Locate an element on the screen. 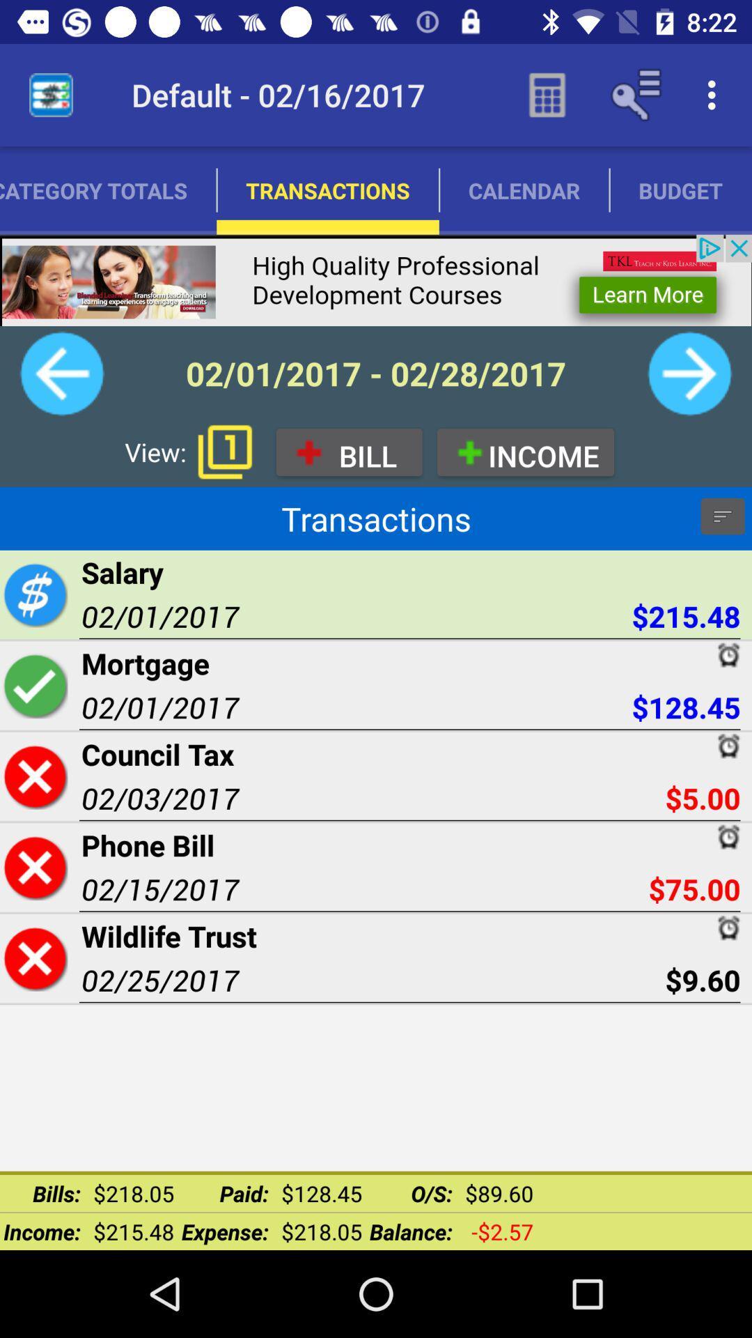 This screenshot has width=752, height=1338. advertisement to redirect you to website is located at coordinates (376, 279).